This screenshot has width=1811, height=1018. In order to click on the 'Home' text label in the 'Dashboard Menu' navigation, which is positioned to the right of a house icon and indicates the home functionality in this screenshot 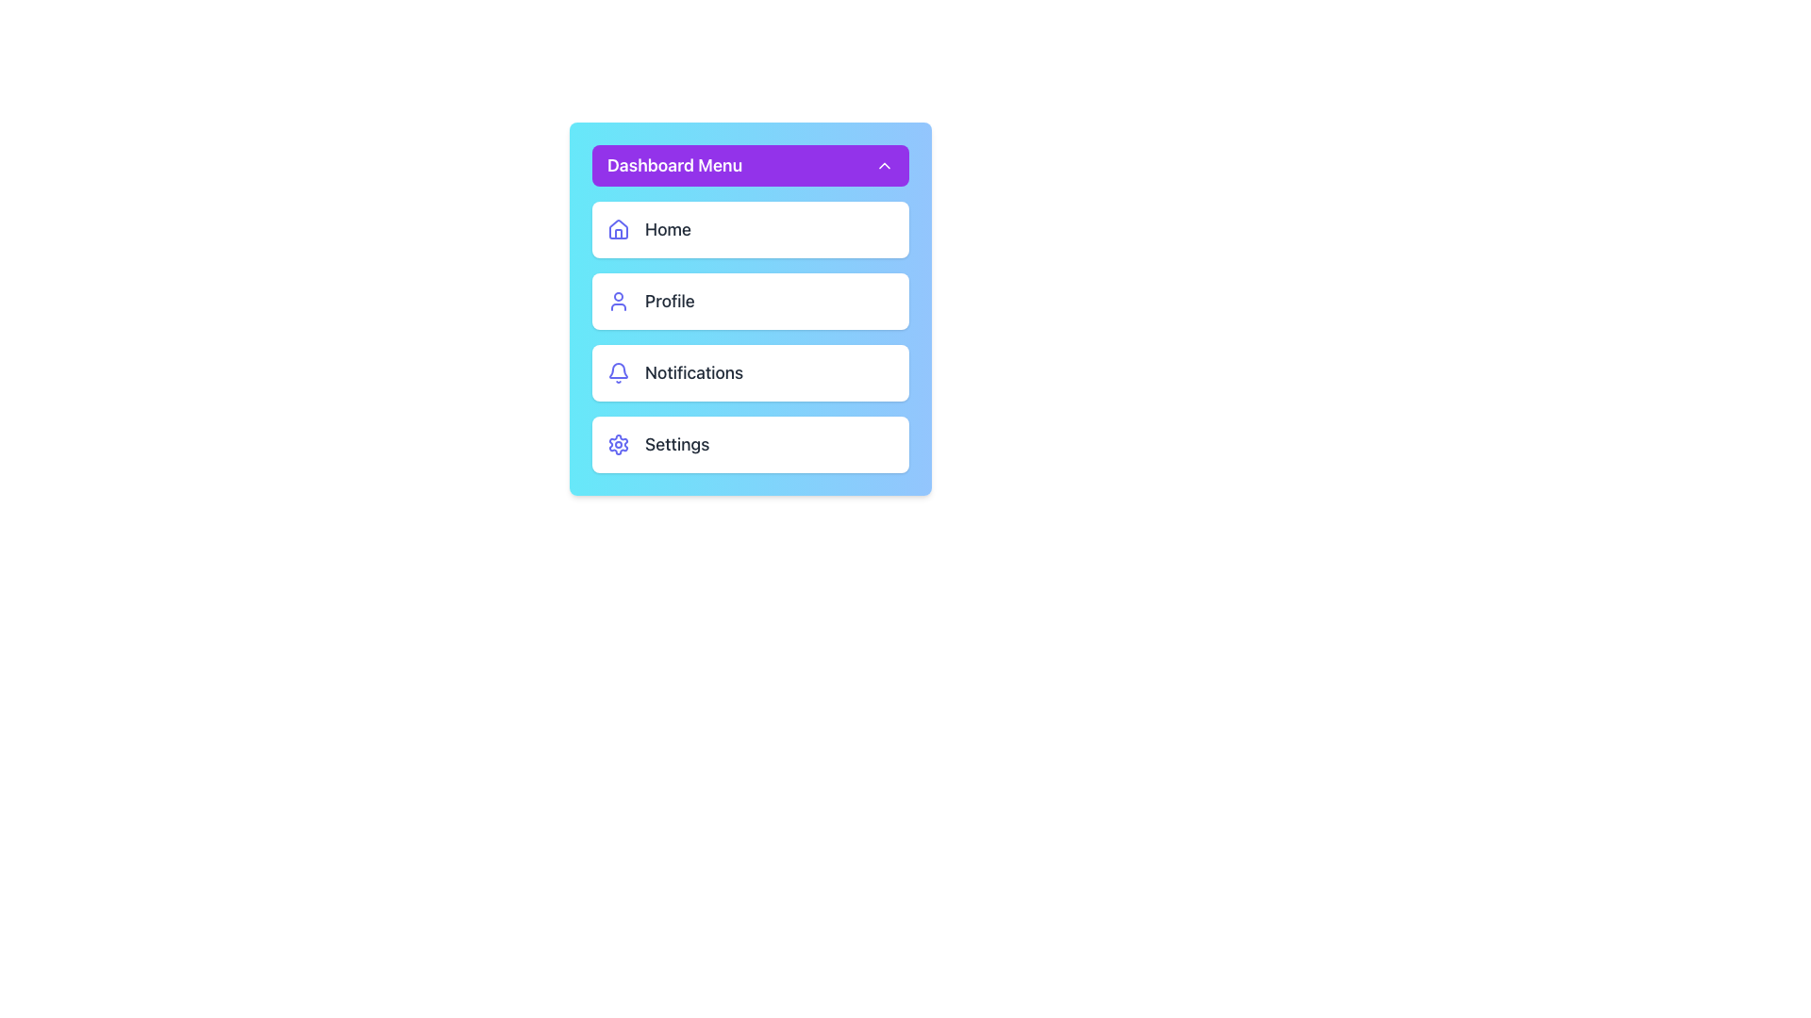, I will do `click(668, 228)`.